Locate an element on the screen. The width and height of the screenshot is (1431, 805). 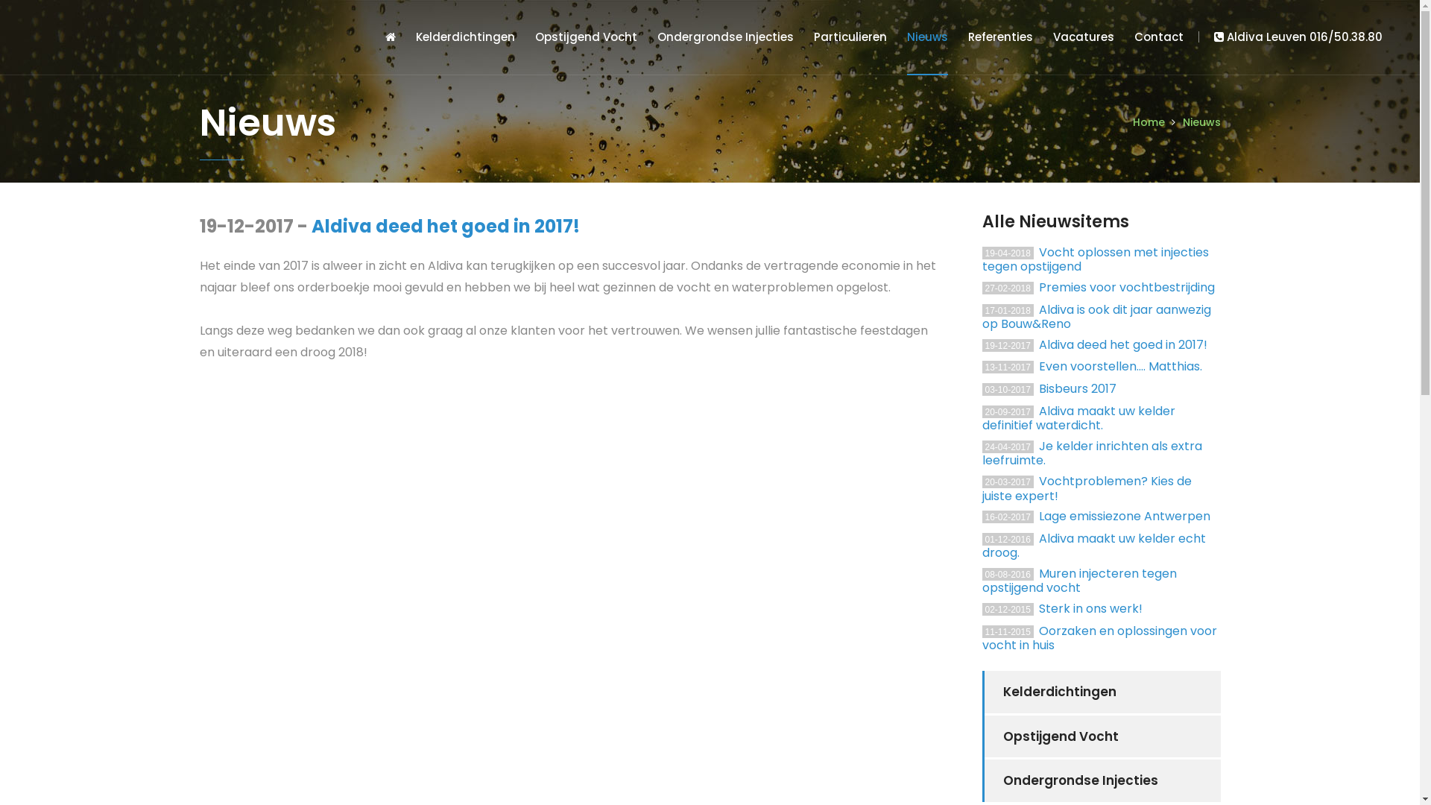
'Muren injecteren tegen opstijgend vocht' is located at coordinates (1079, 580).